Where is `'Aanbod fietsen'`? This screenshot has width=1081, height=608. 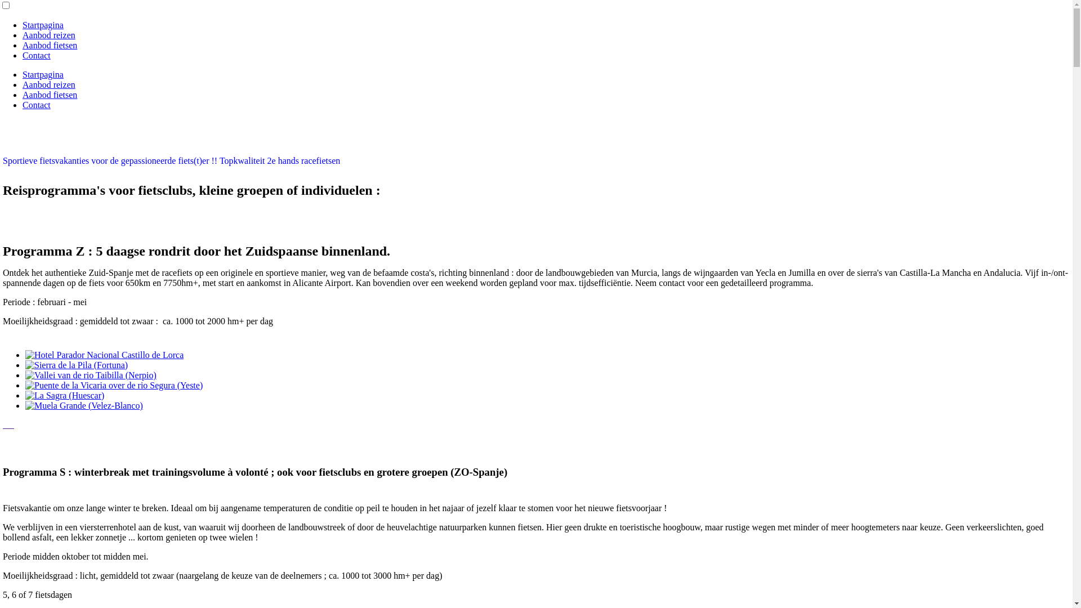
'Aanbod fietsen' is located at coordinates (49, 94).